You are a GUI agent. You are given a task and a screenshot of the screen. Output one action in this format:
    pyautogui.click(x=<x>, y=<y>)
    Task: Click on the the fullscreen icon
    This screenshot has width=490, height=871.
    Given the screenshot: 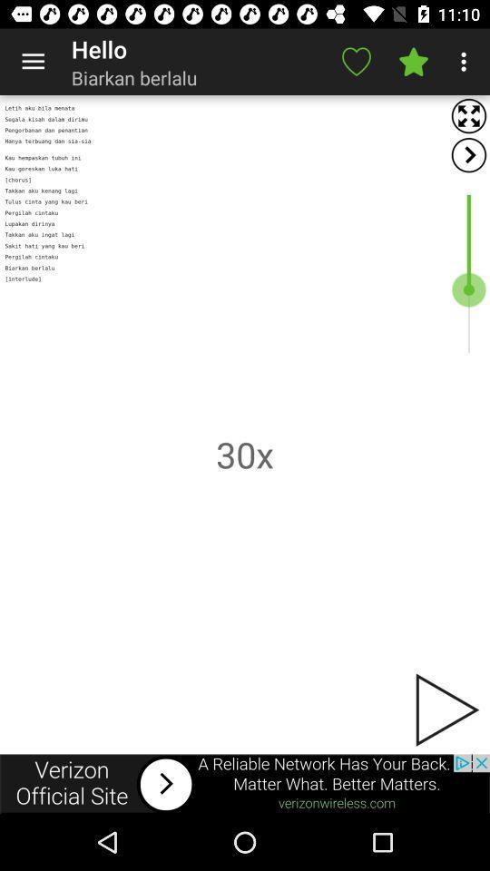 What is the action you would take?
    pyautogui.click(x=468, y=115)
    